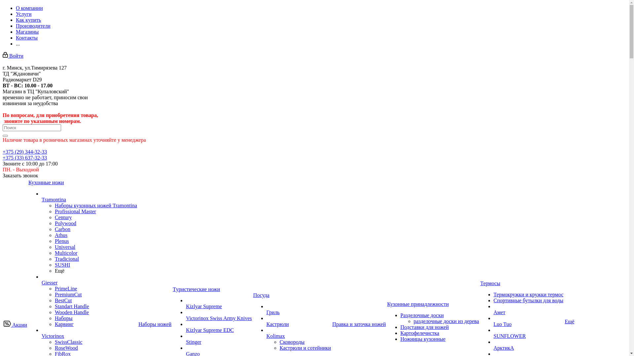 This screenshot has width=634, height=356. What do you see at coordinates (62, 264) in the screenshot?
I see `'SUSHI'` at bounding box center [62, 264].